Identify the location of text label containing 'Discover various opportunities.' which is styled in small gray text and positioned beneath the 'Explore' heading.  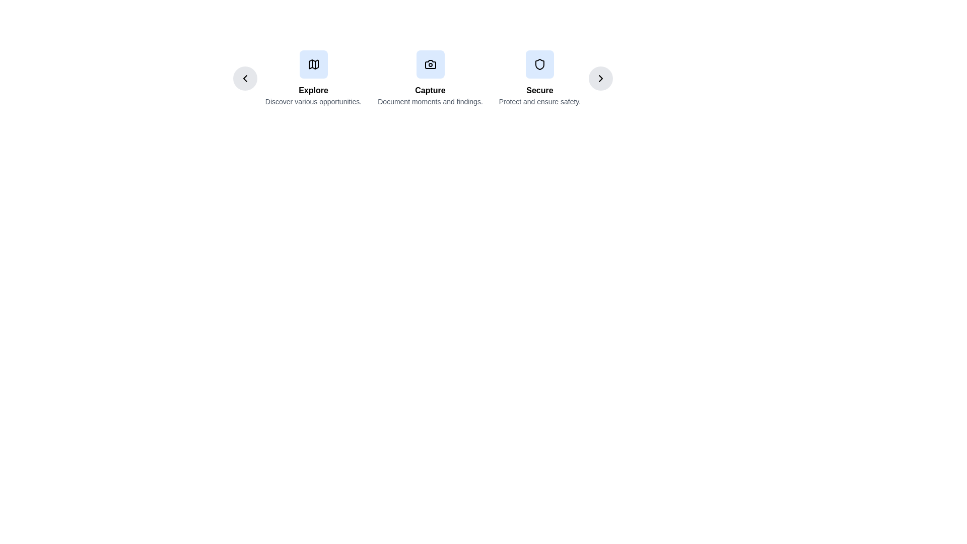
(313, 101).